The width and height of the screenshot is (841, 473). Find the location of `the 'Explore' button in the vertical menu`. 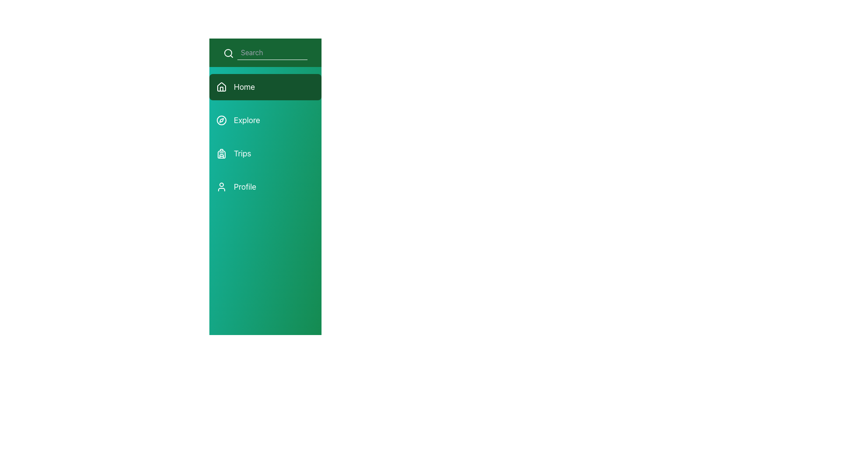

the 'Explore' button in the vertical menu is located at coordinates (265, 137).